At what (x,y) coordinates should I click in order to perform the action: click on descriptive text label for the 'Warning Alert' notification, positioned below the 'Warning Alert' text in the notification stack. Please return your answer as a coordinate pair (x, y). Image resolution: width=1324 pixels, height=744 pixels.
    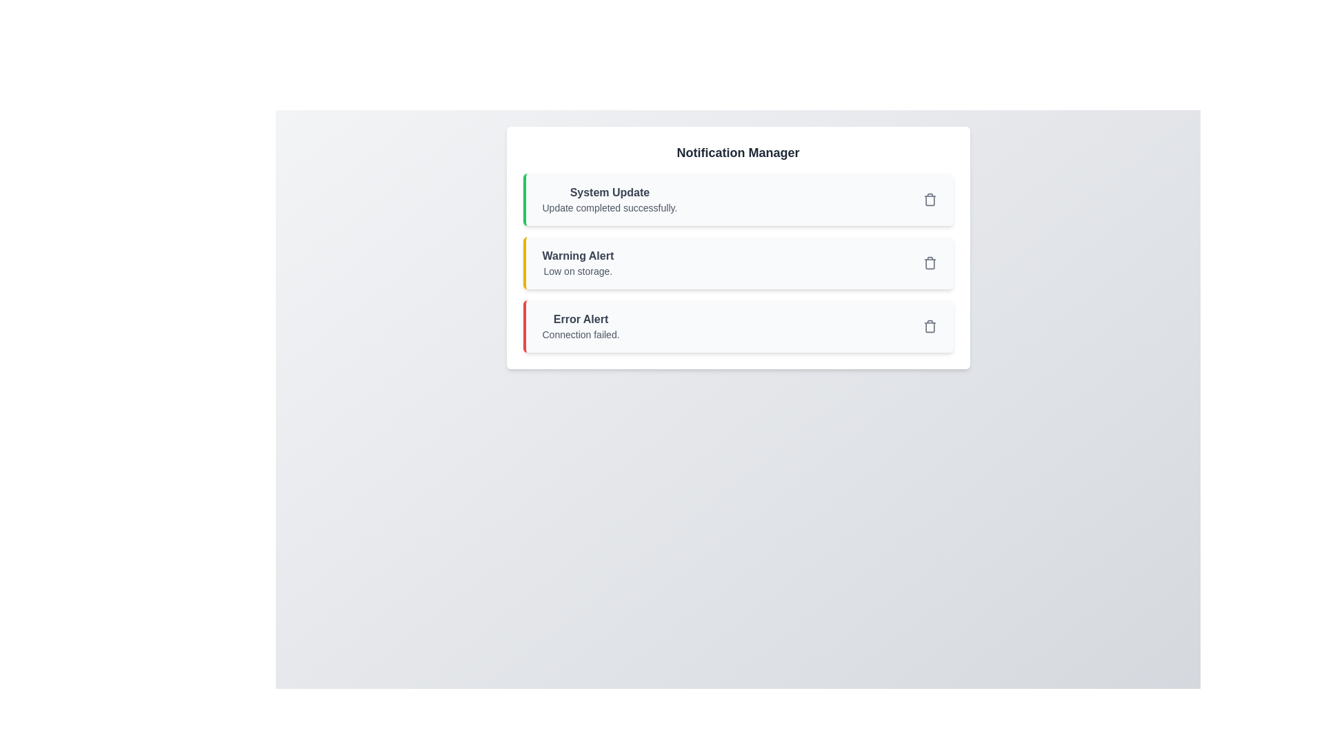
    Looking at the image, I should click on (578, 271).